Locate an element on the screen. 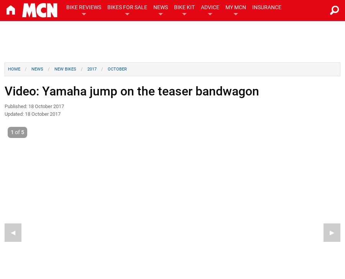 The height and width of the screenshot is (279, 345). 'News' is located at coordinates (37, 69).